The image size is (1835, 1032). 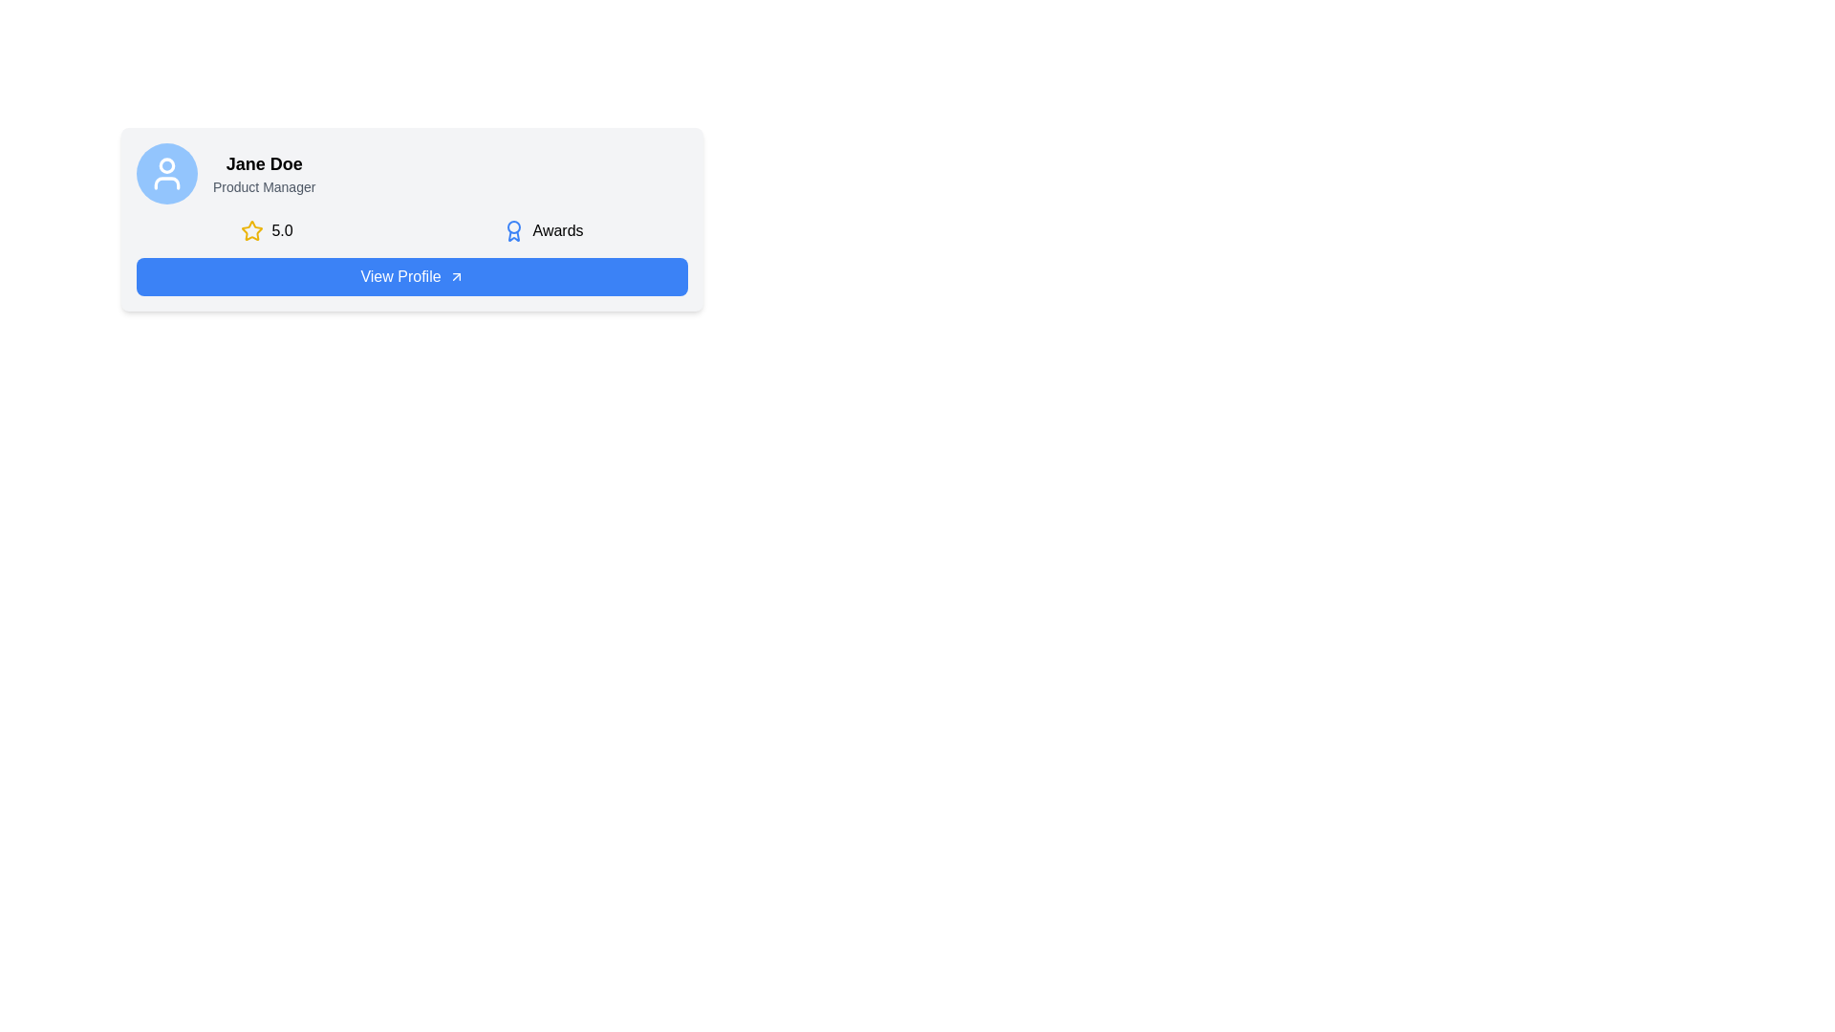 I want to click on the profile icon representing user-related information for 'Jane Doe', located at the top-left corner of the card-like component, so click(x=166, y=173).